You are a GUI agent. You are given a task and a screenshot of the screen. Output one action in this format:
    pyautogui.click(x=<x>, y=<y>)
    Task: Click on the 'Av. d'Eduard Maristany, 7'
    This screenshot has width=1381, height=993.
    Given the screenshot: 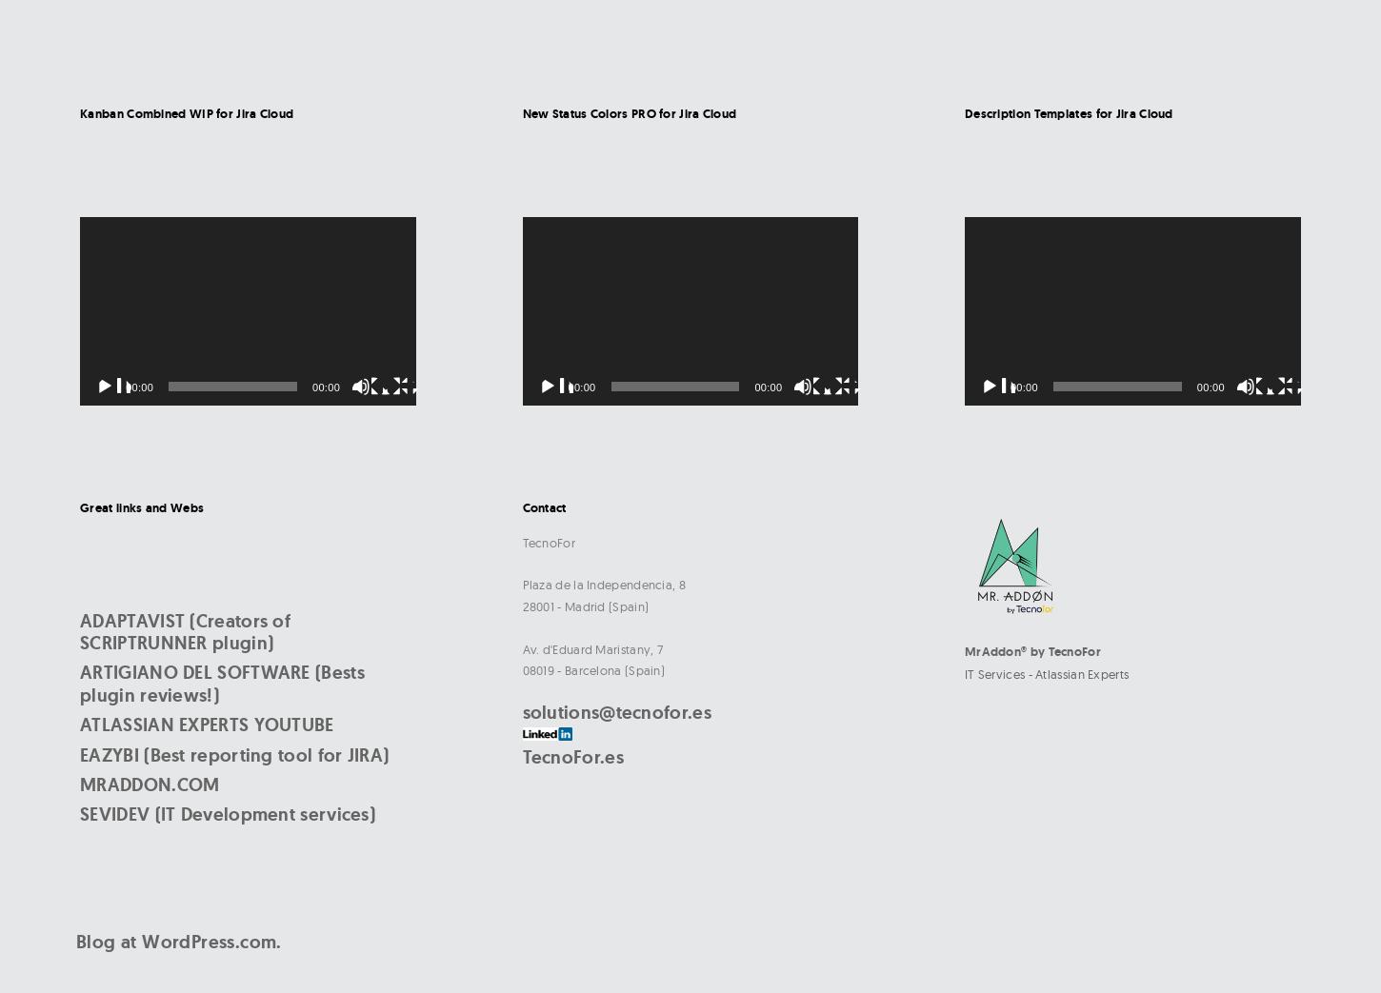 What is the action you would take?
    pyautogui.click(x=591, y=647)
    